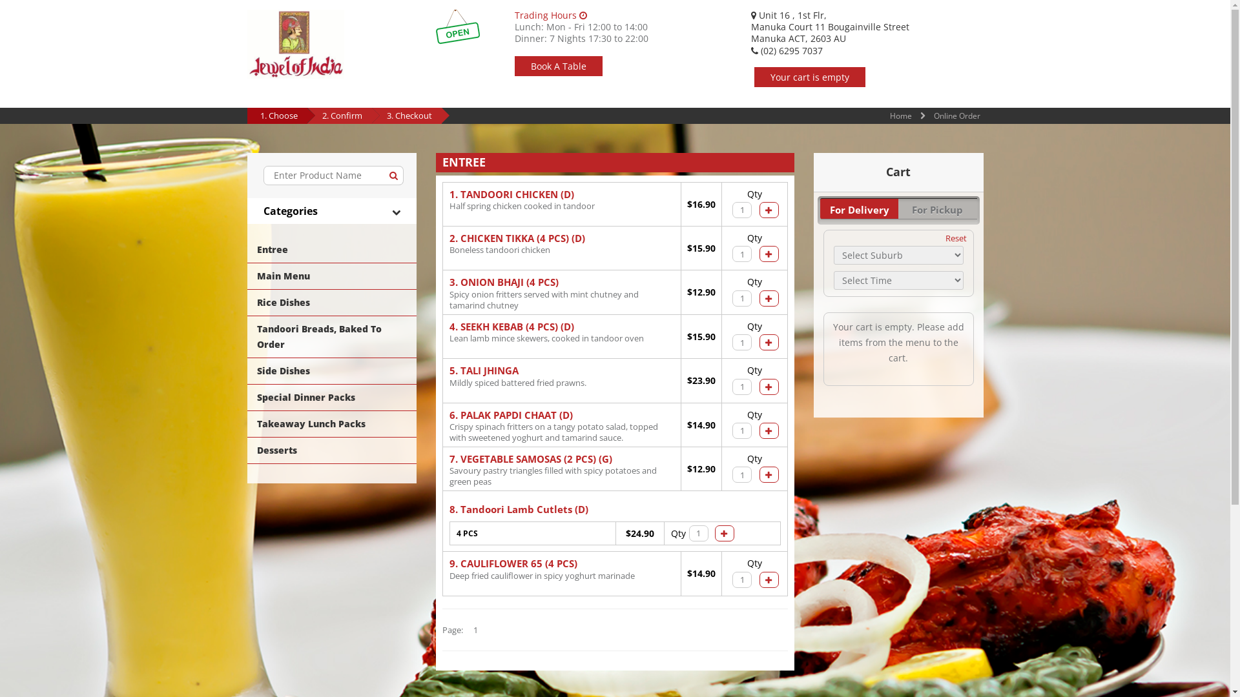  I want to click on 'Takeaway Lunch Packs', so click(247, 423).